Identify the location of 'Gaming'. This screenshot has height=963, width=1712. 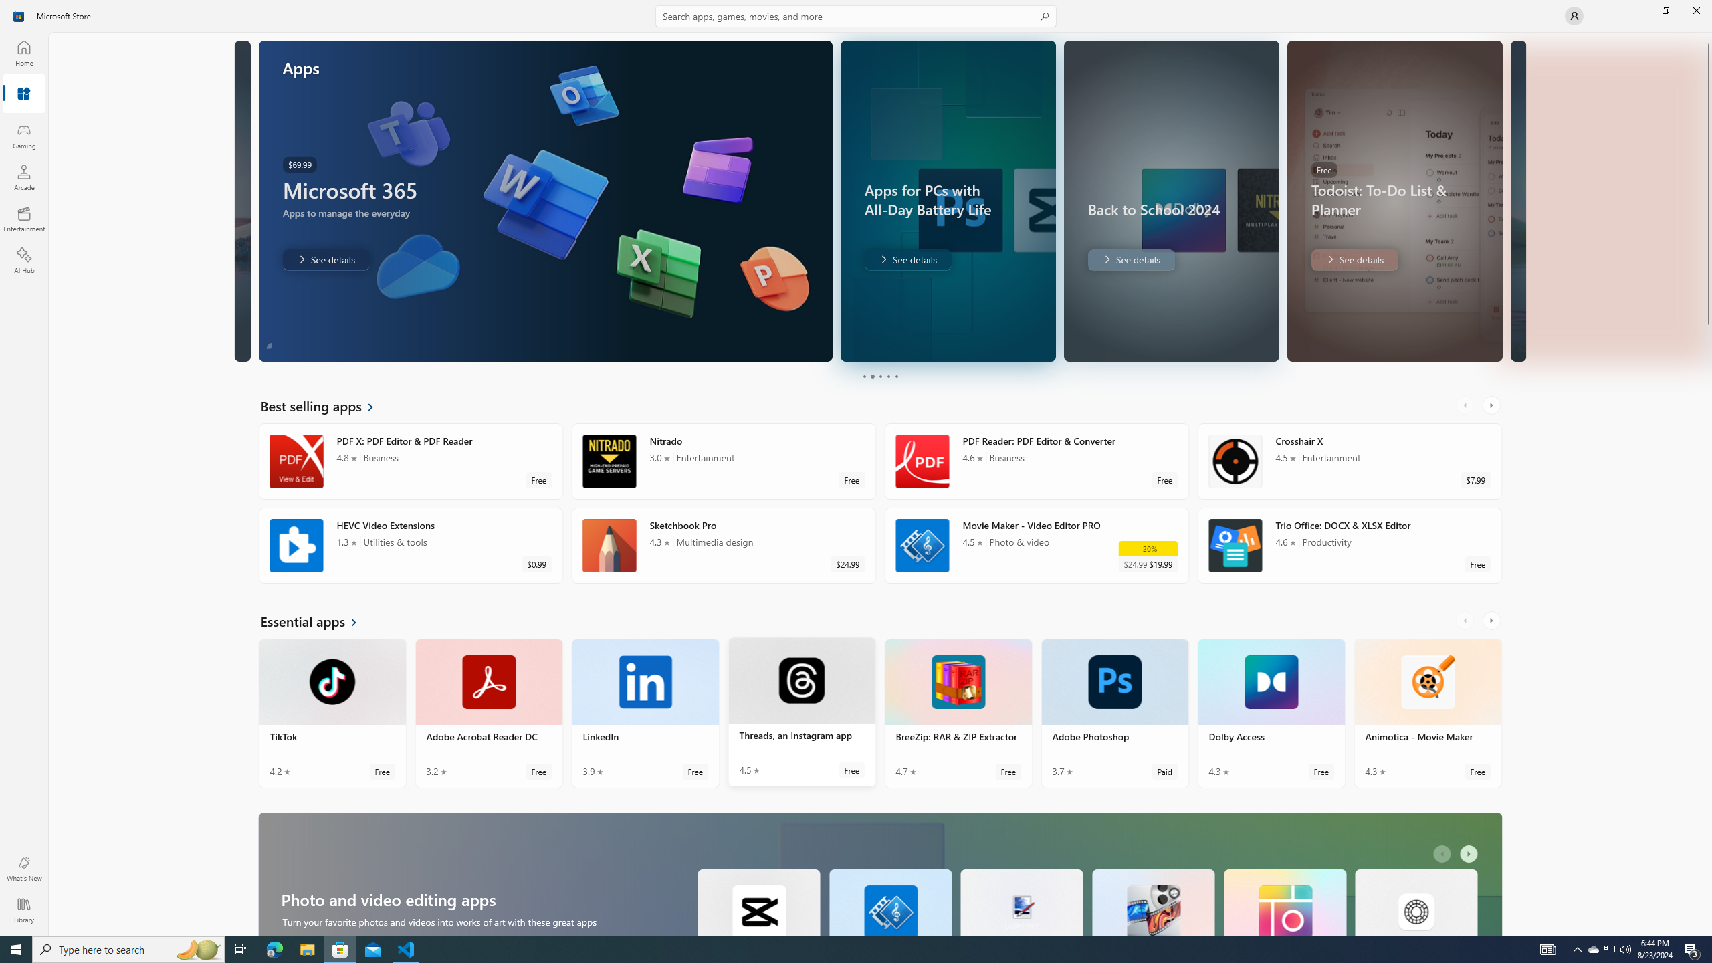
(23, 135).